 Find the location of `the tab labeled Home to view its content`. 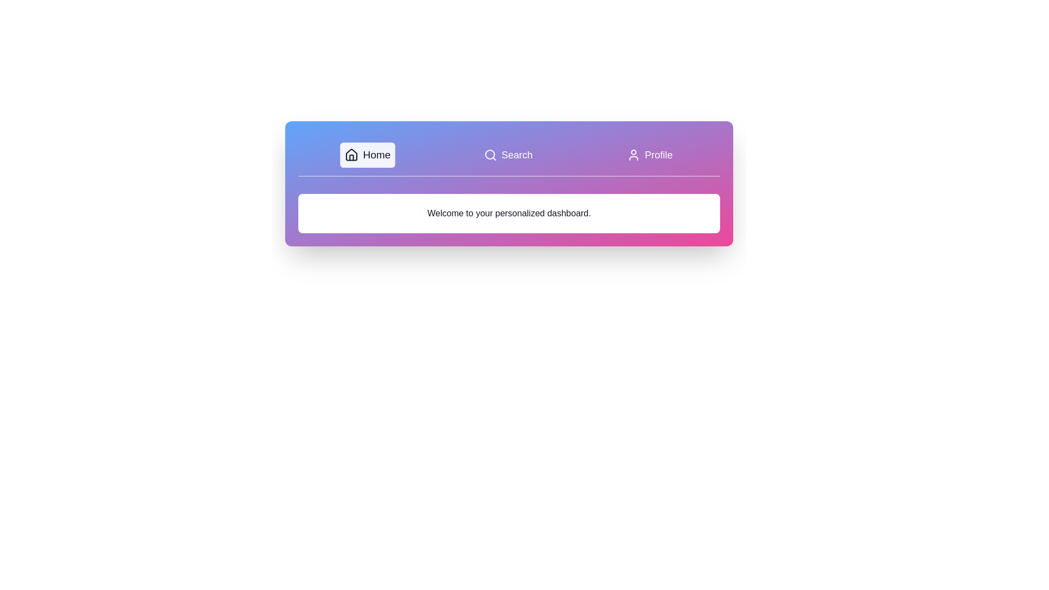

the tab labeled Home to view its content is located at coordinates (367, 155).